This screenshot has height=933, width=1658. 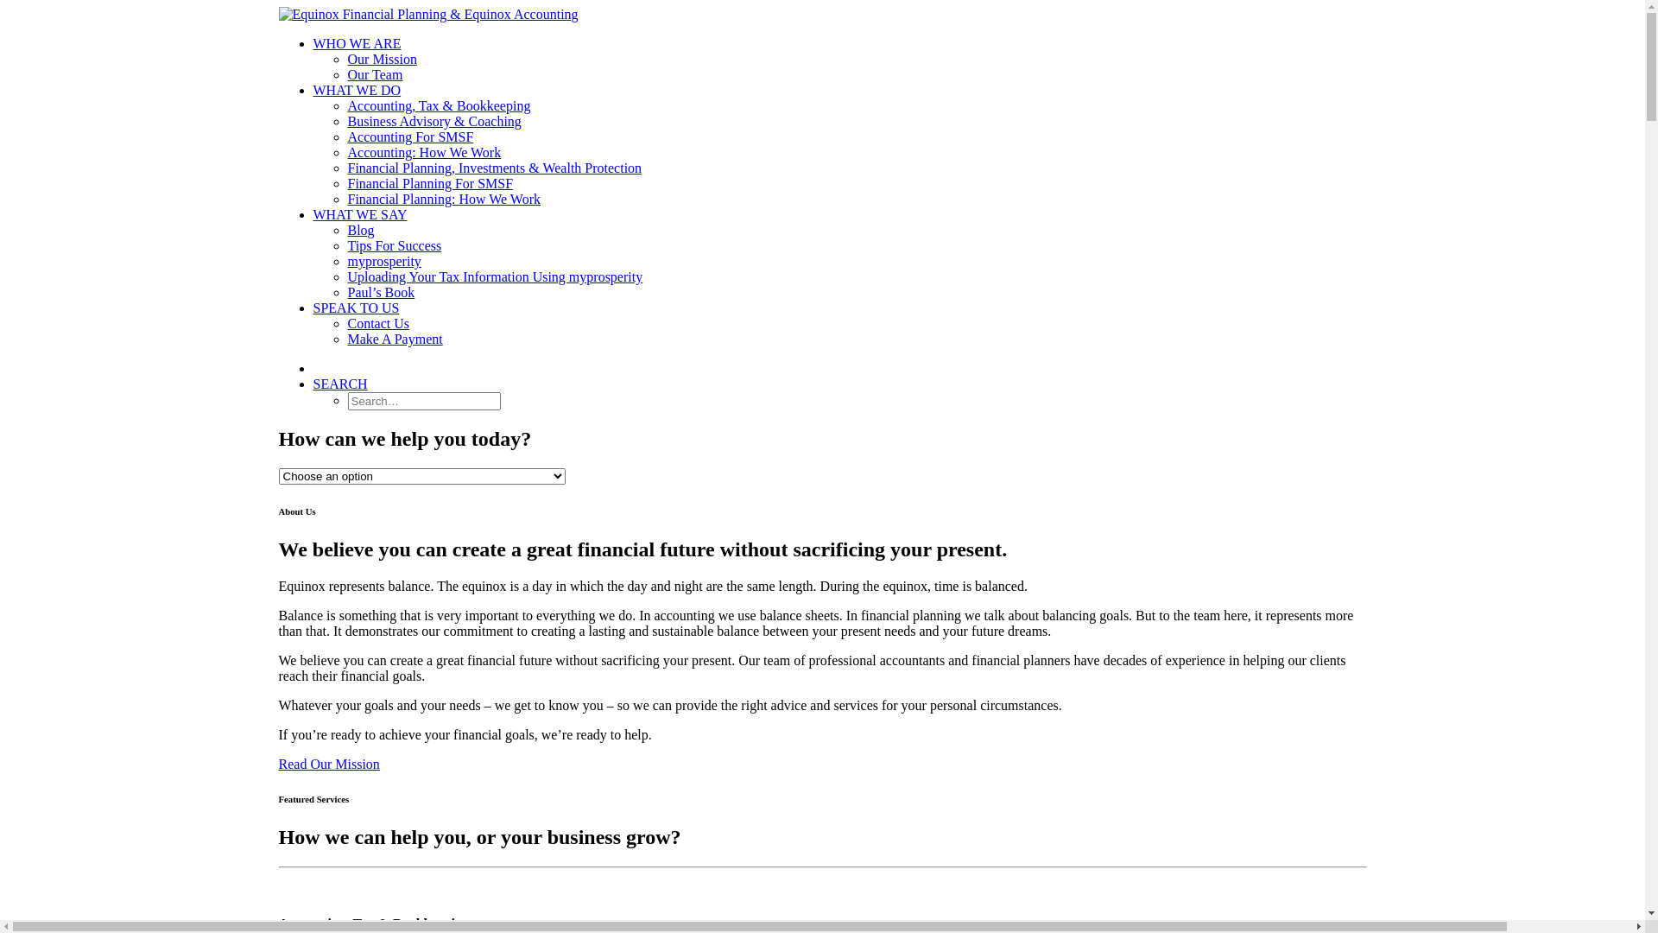 What do you see at coordinates (355, 42) in the screenshot?
I see `'WHO WE ARE'` at bounding box center [355, 42].